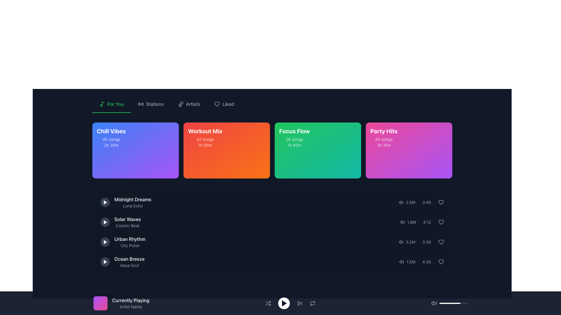 Image resolution: width=561 pixels, height=315 pixels. I want to click on the volume, so click(462, 303).